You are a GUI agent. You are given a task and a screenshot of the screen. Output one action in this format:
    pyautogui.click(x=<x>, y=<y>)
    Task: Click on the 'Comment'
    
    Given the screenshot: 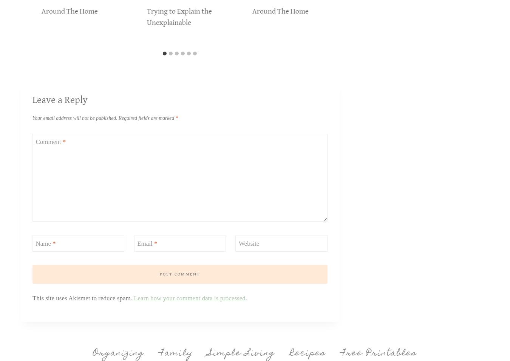 What is the action you would take?
    pyautogui.click(x=49, y=141)
    